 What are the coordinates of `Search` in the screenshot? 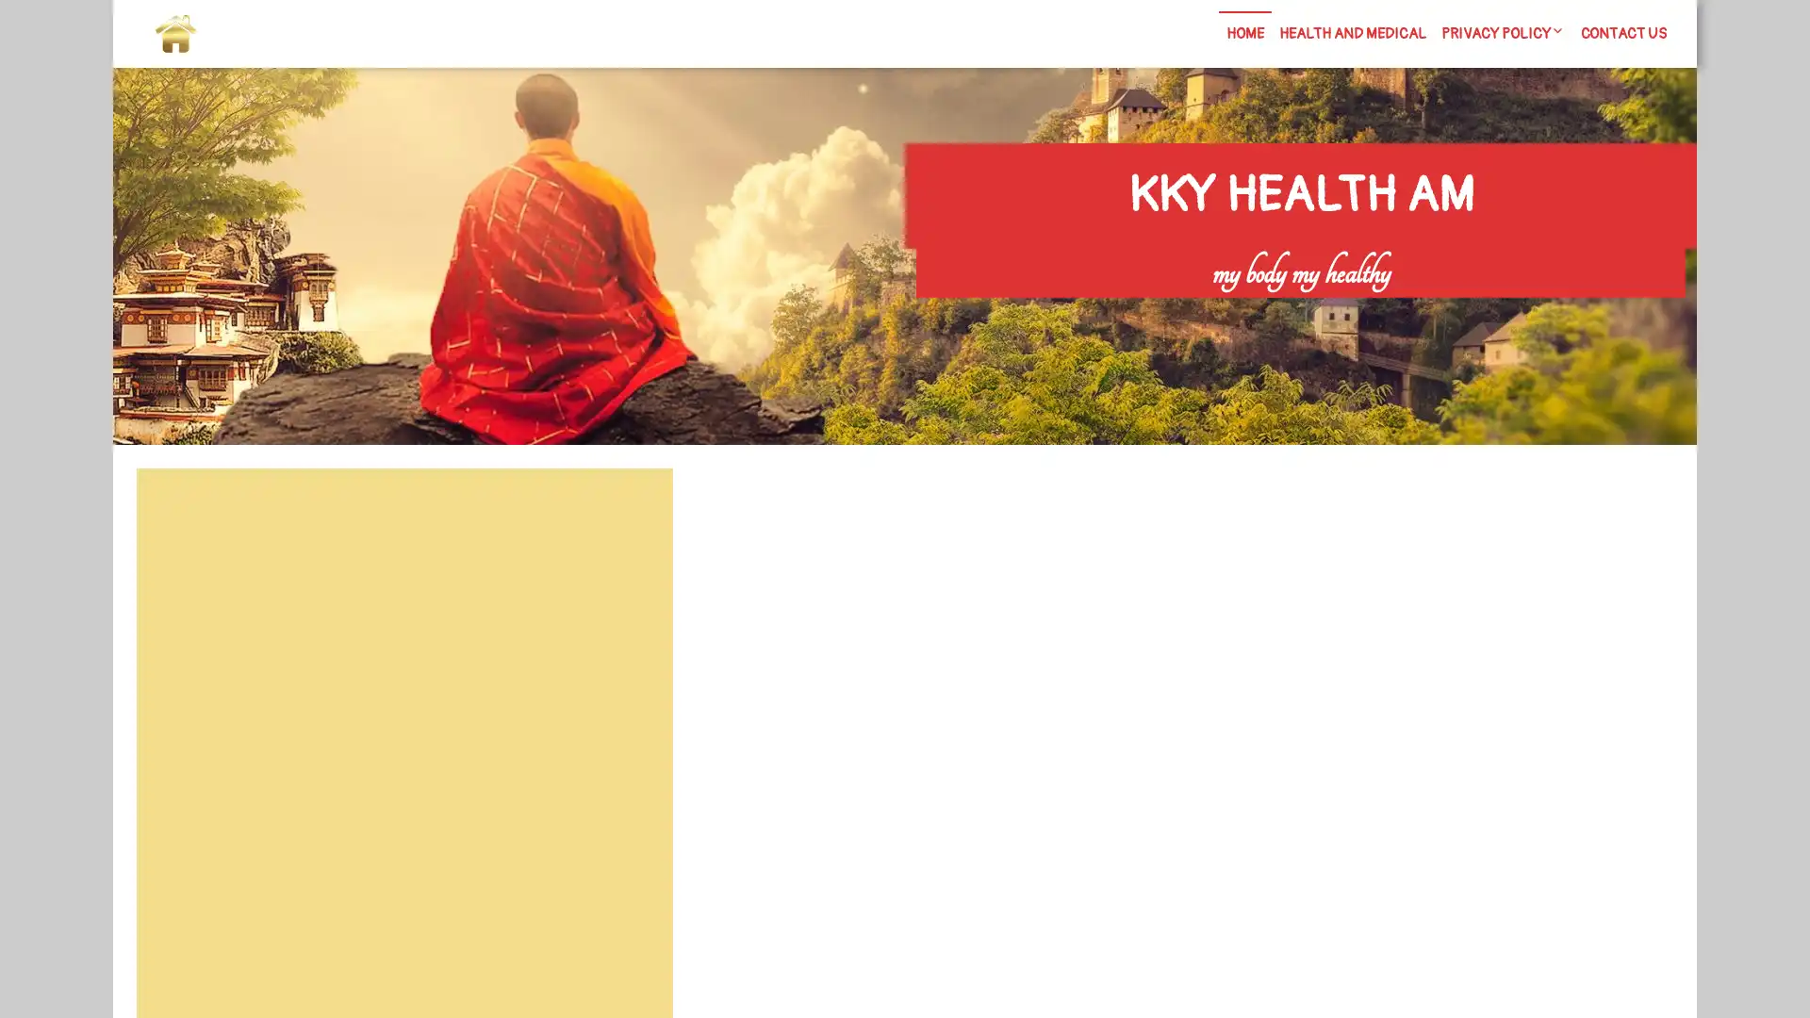 It's located at (629, 514).